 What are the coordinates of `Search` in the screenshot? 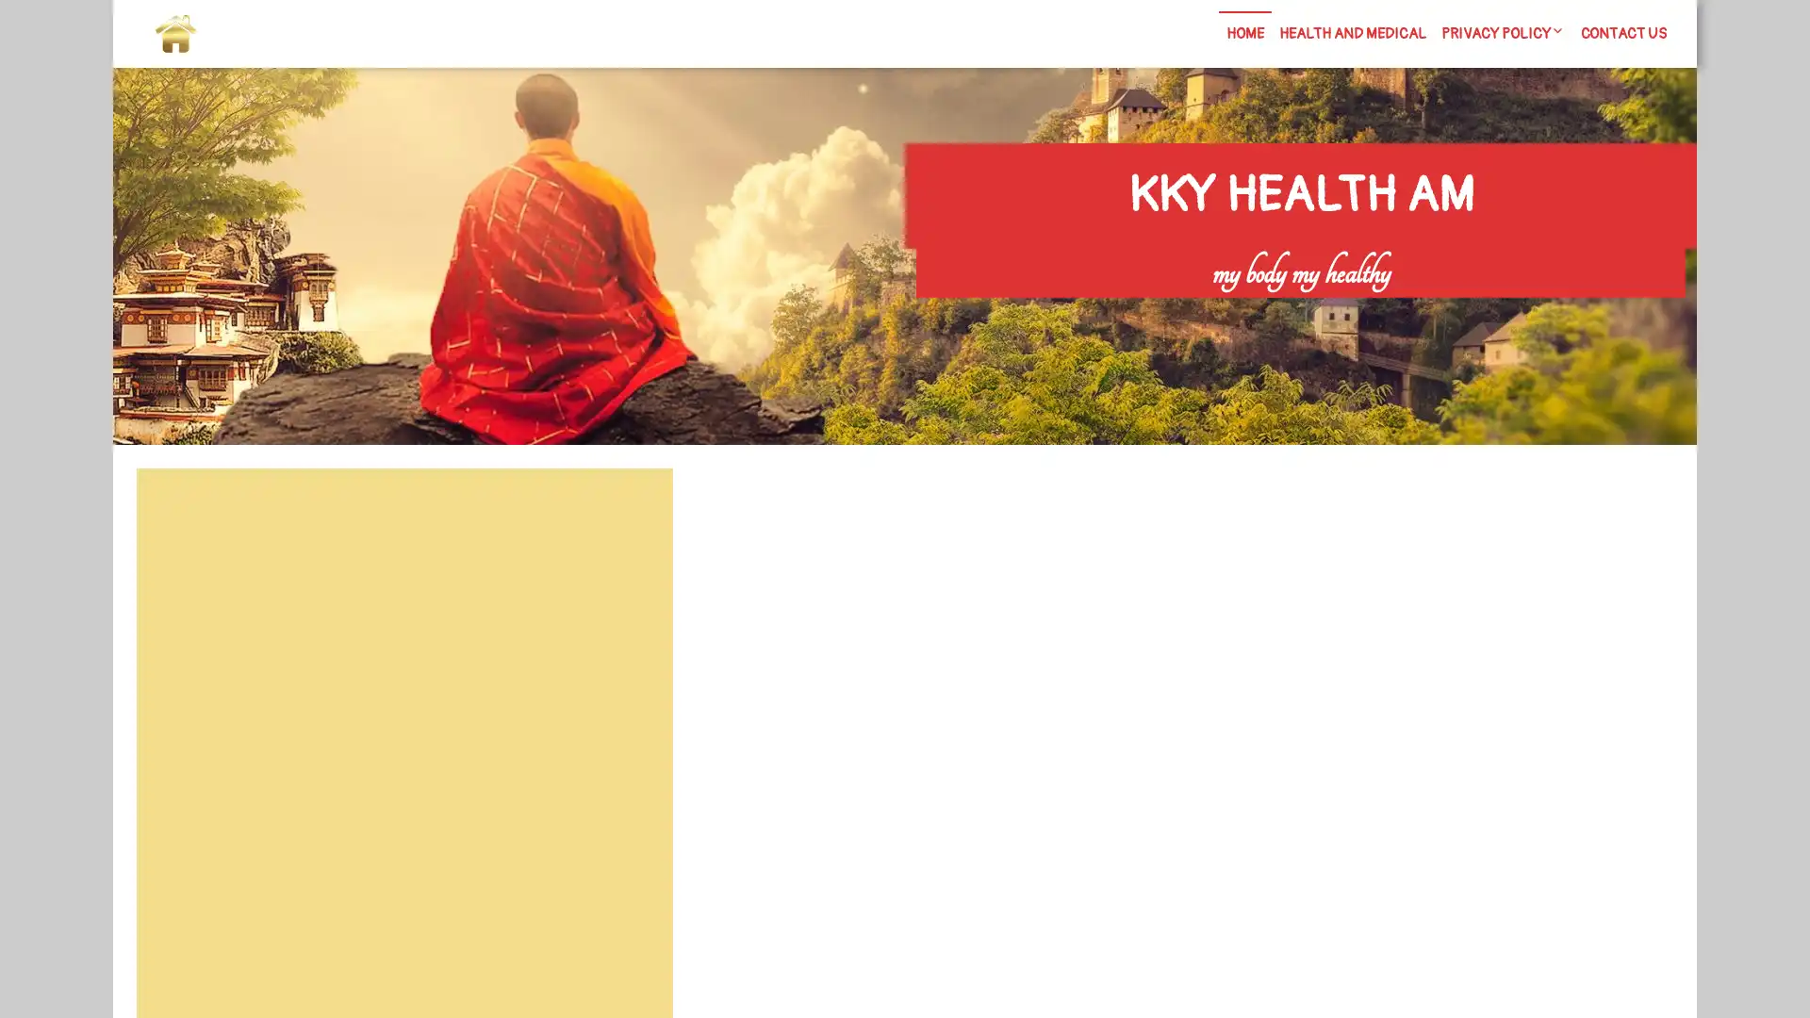 It's located at (629, 514).